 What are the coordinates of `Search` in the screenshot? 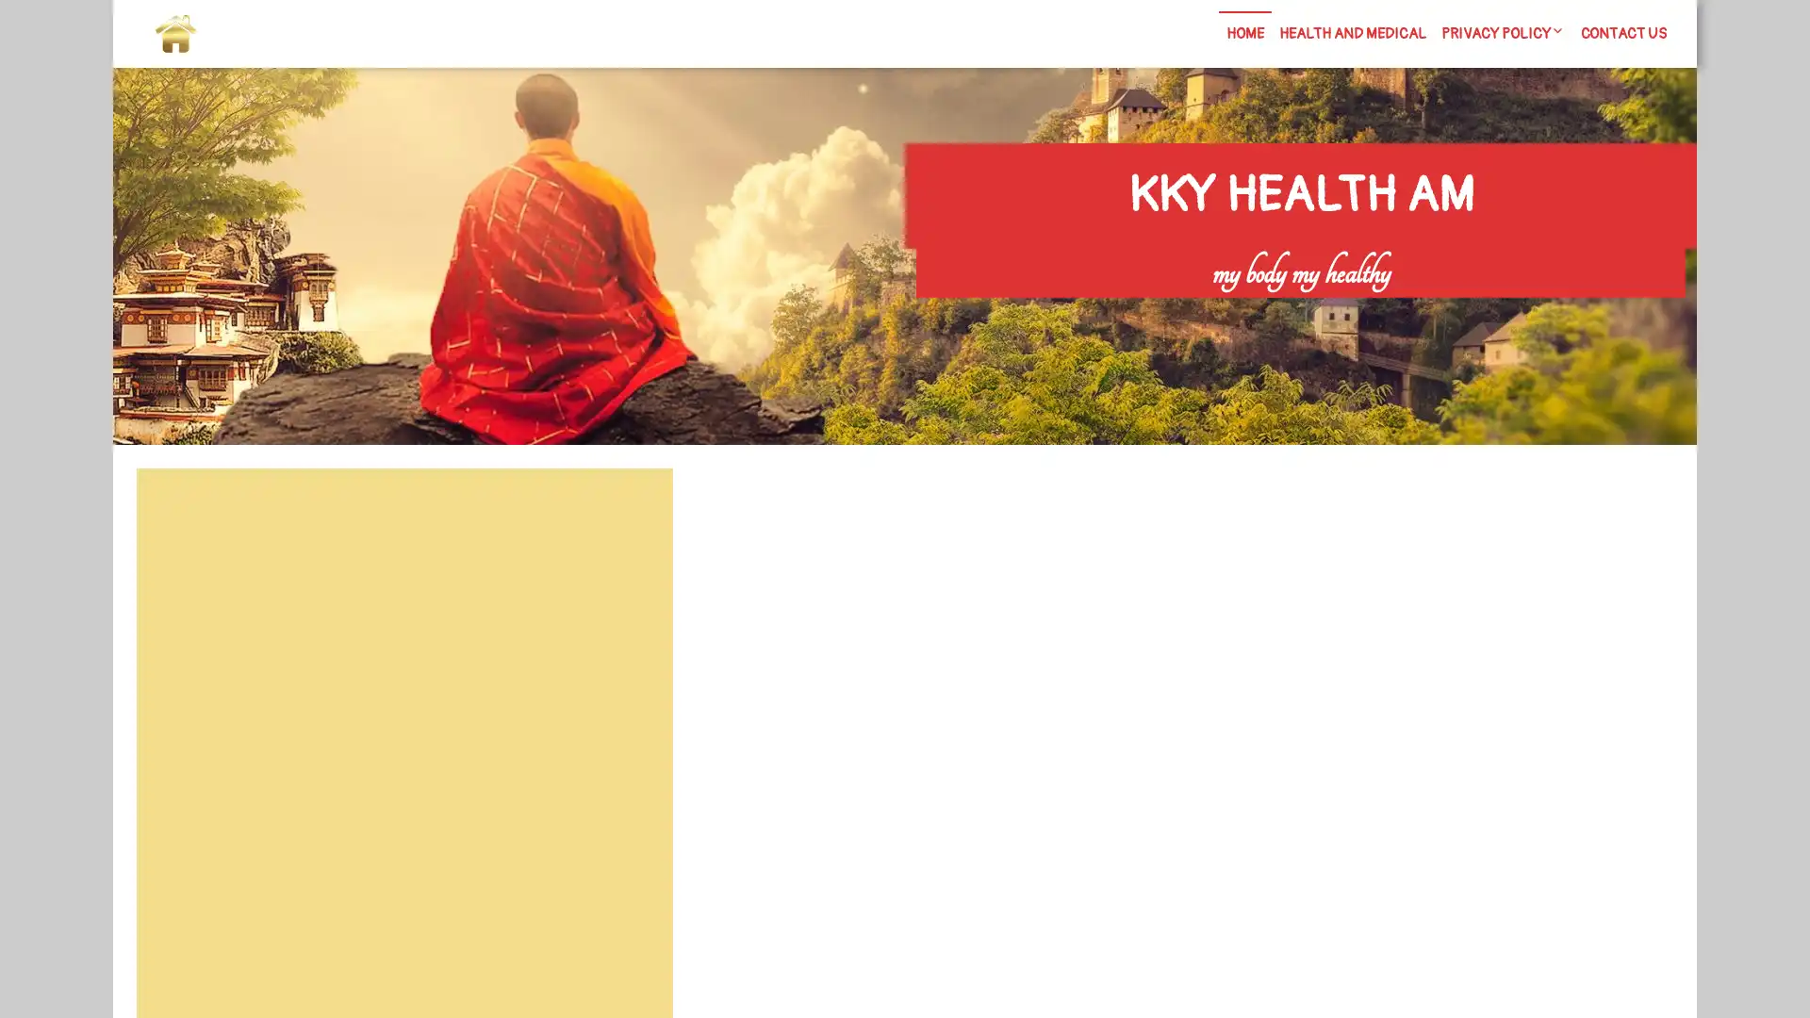 It's located at (629, 514).